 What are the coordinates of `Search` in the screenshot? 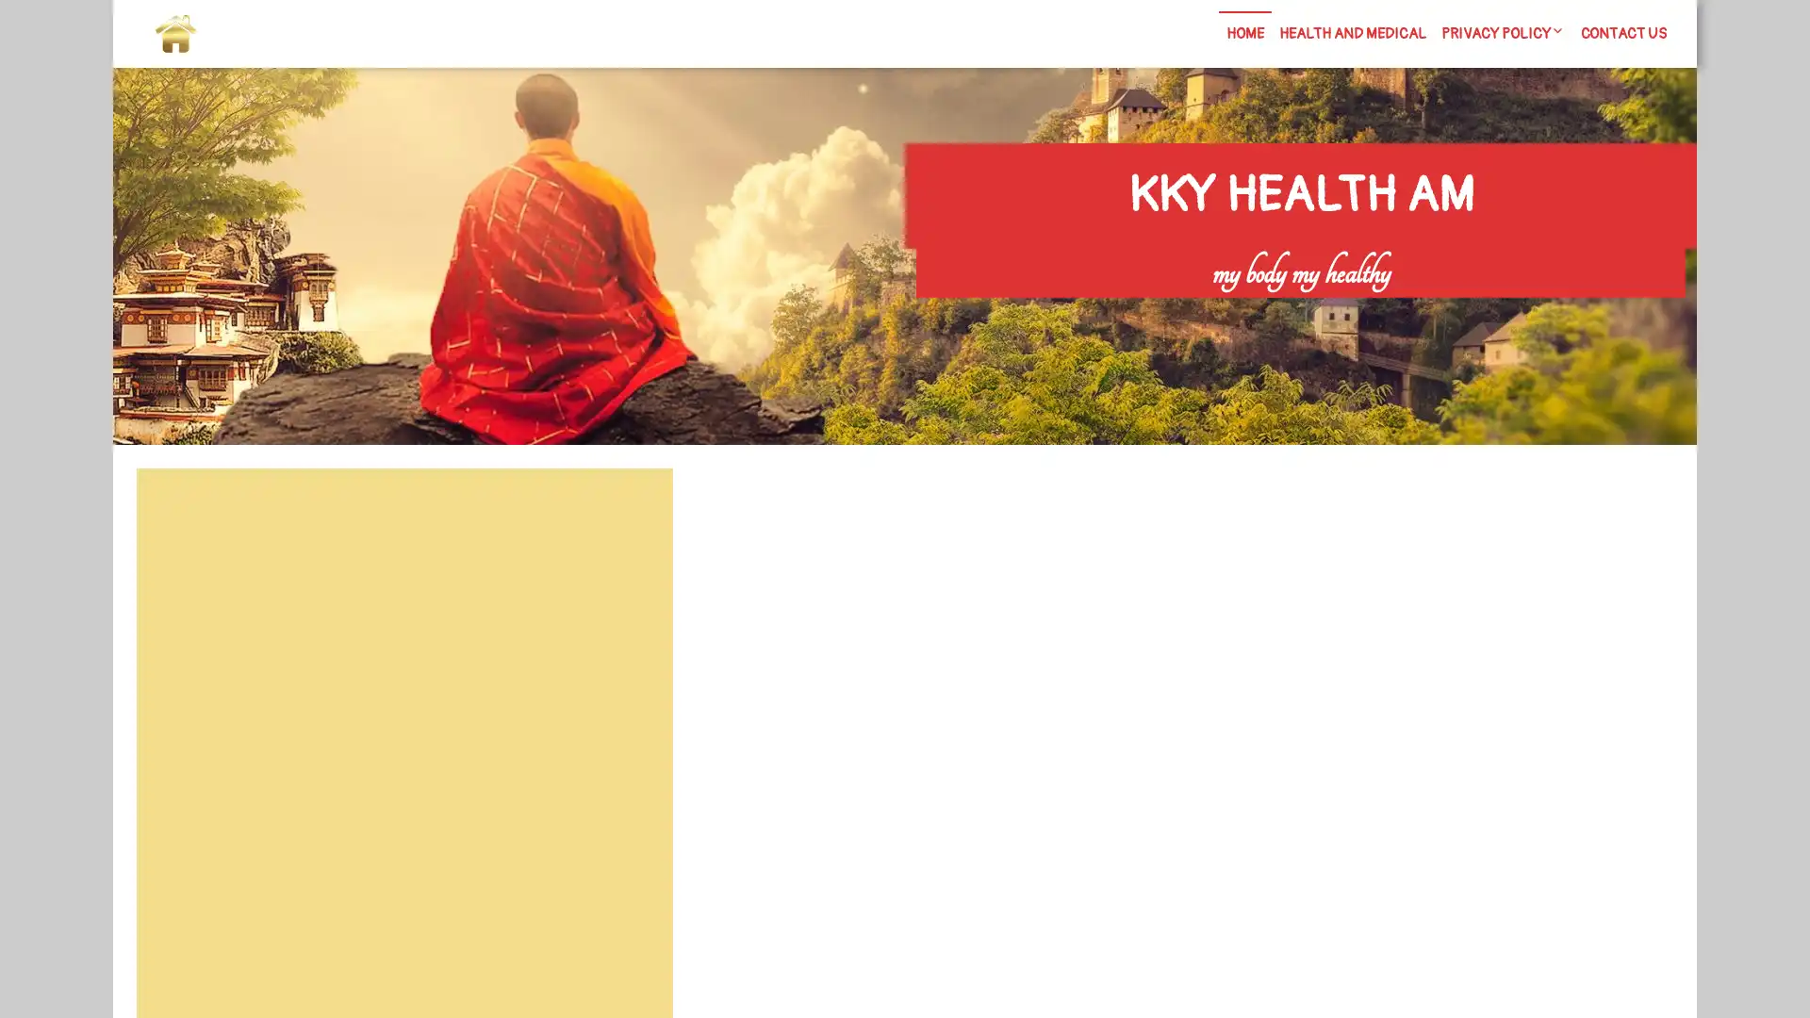 It's located at (629, 514).